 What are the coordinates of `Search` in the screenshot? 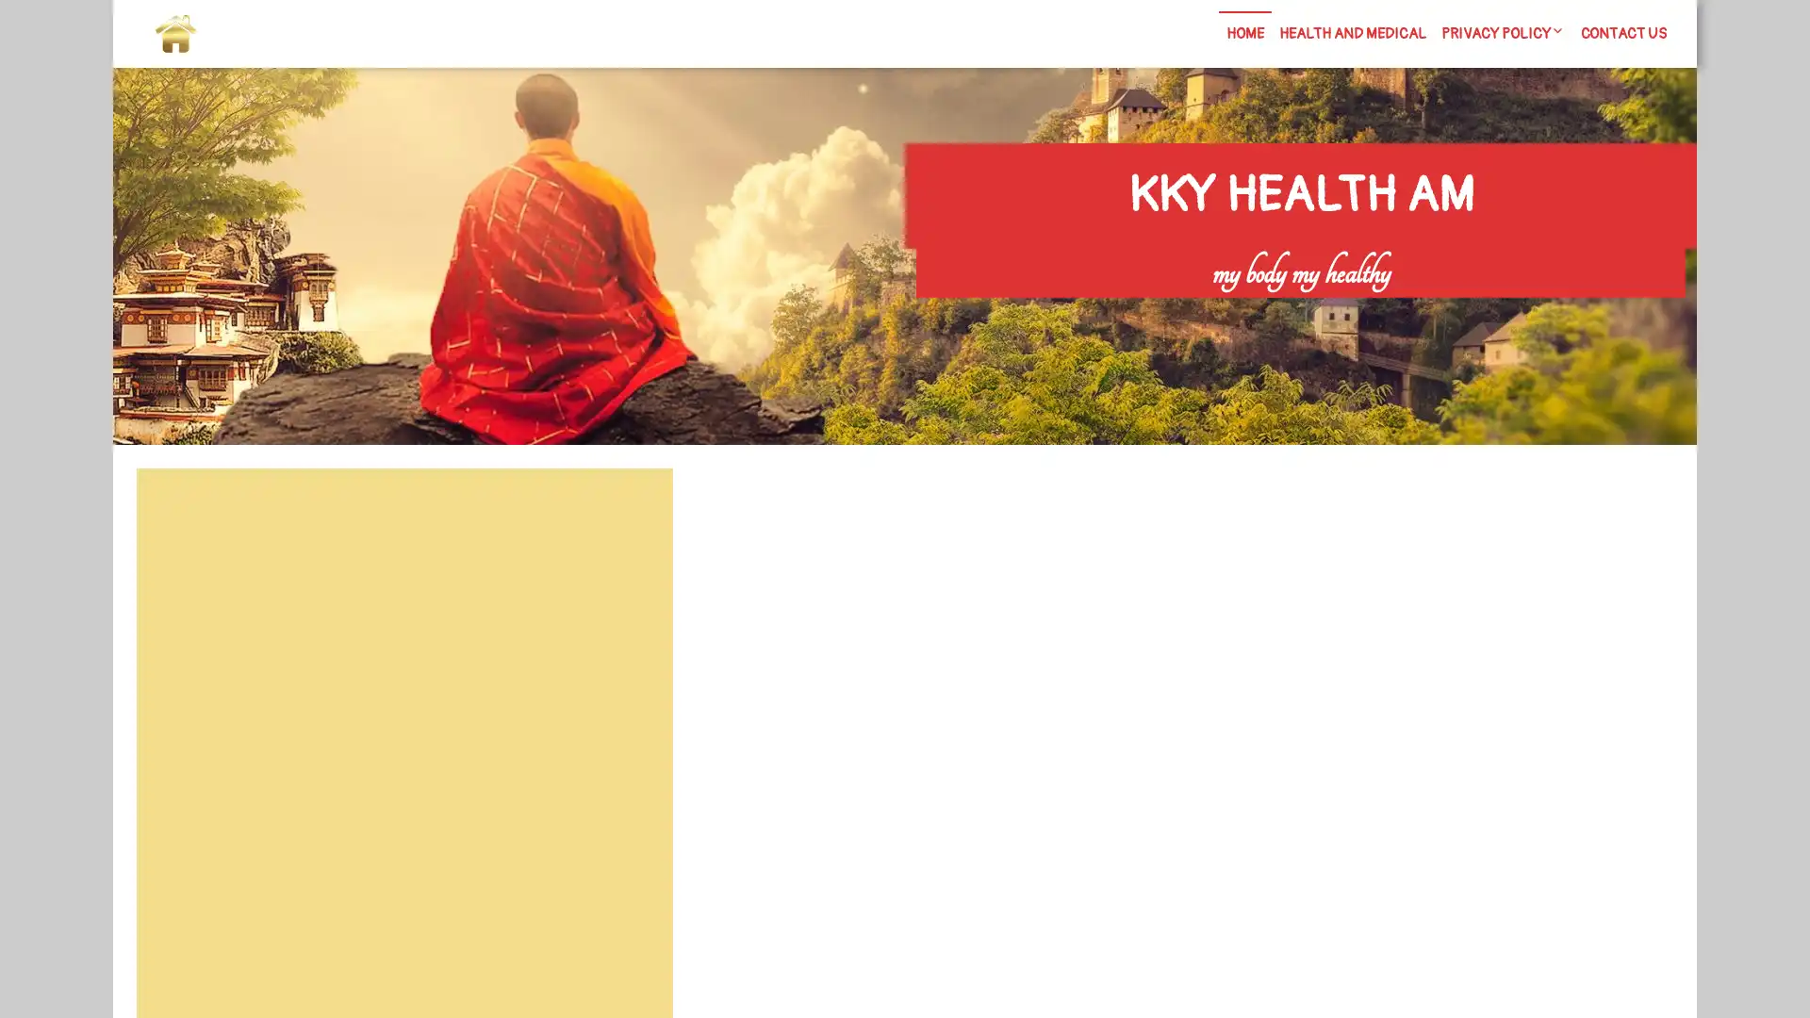 It's located at (629, 514).